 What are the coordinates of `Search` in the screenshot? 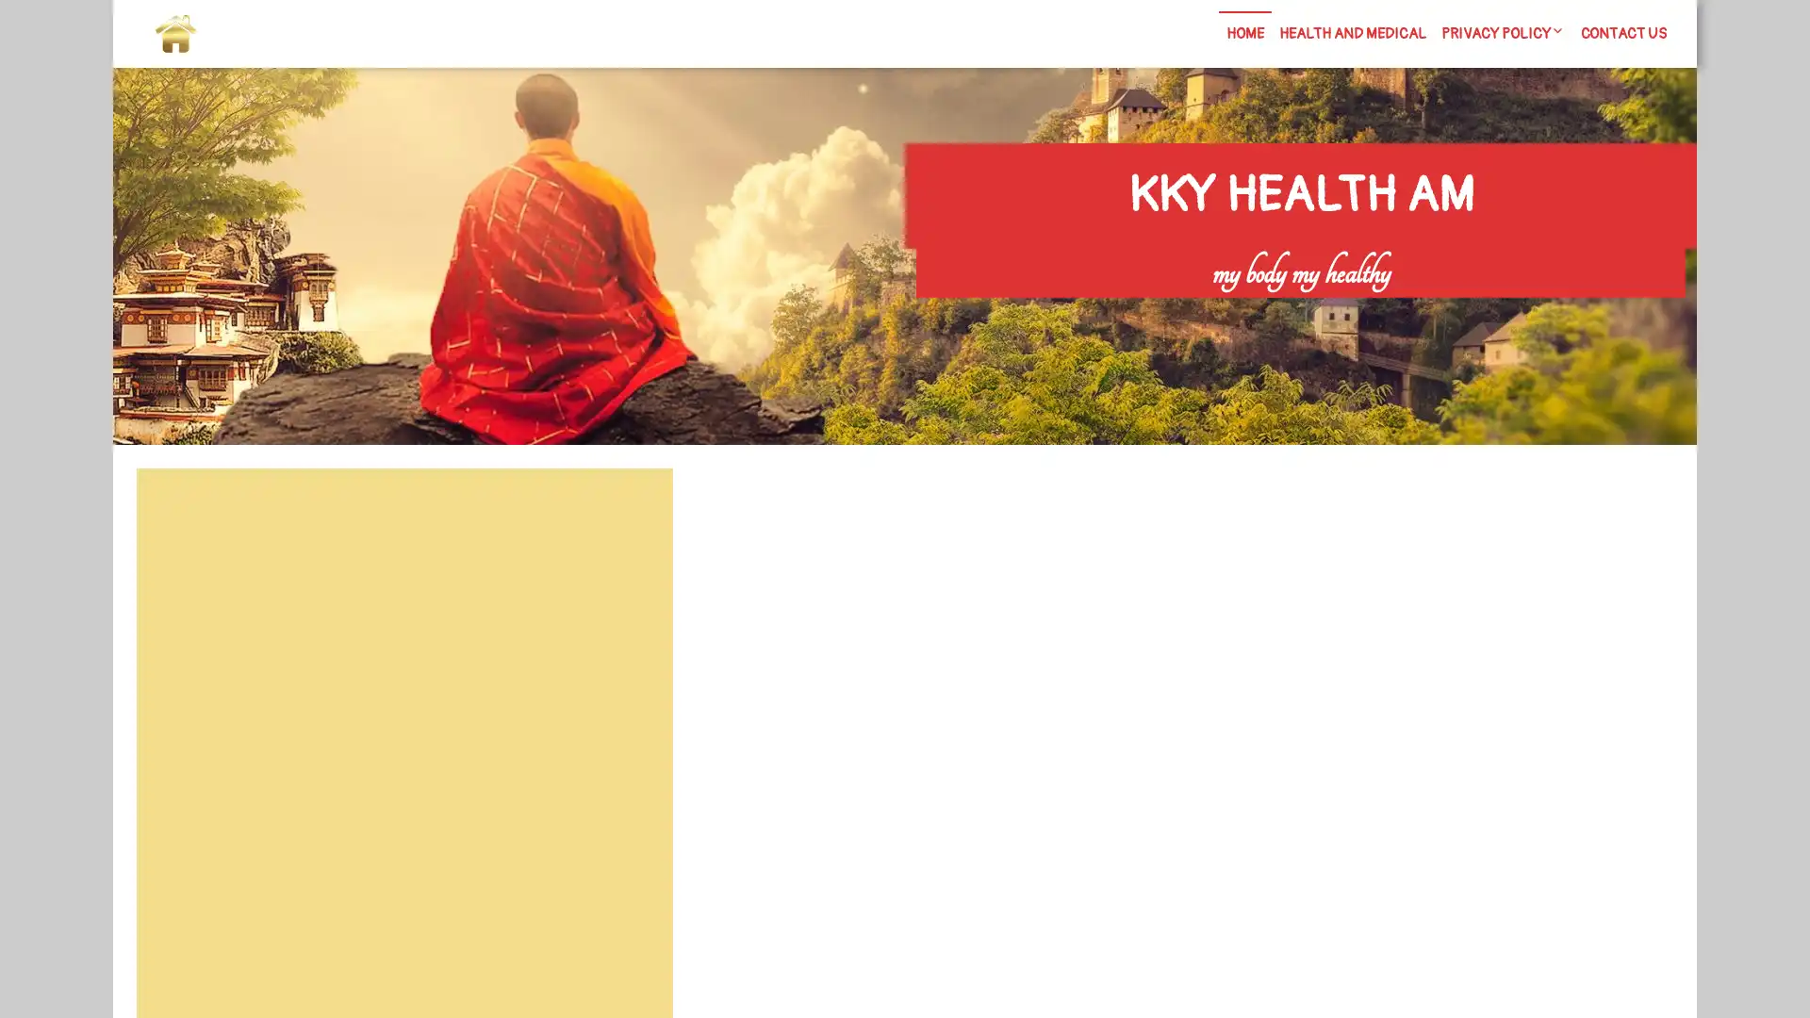 It's located at (629, 514).